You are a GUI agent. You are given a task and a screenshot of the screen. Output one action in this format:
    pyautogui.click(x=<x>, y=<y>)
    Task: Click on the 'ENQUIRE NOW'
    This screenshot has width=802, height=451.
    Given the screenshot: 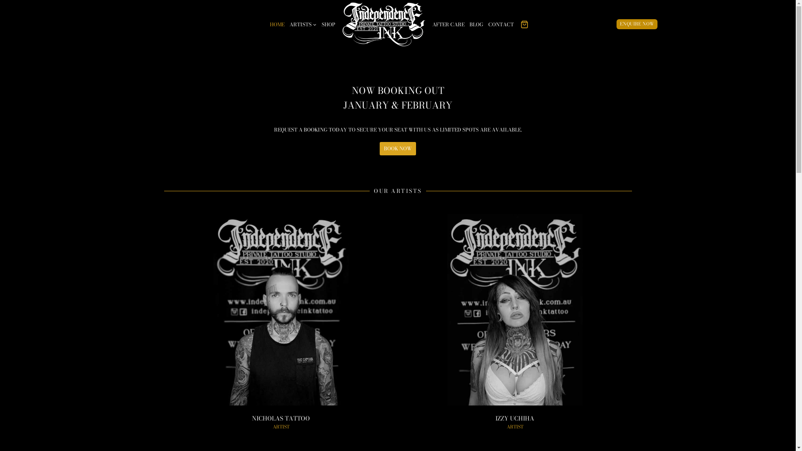 What is the action you would take?
    pyautogui.click(x=636, y=23)
    